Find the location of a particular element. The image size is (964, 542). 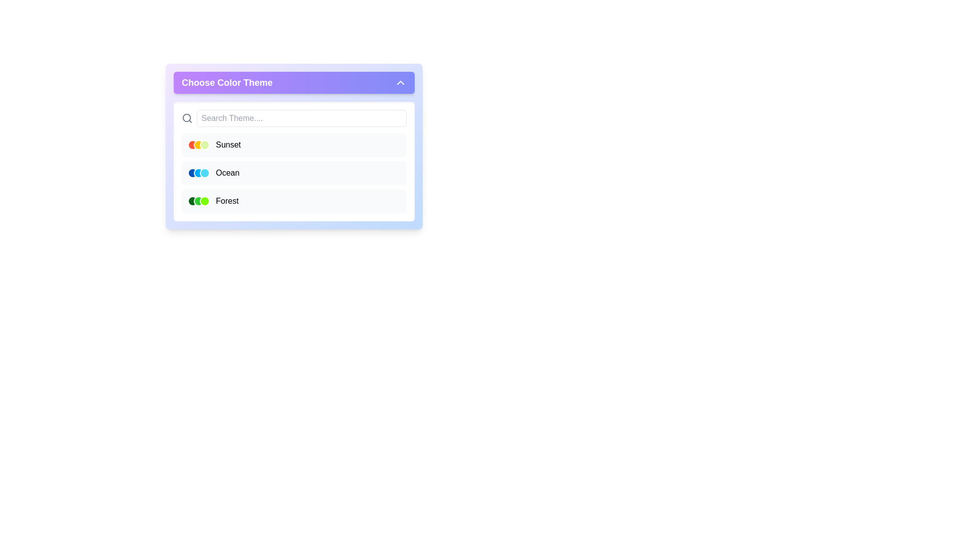

the selectable list item labeled 'Ocean' is located at coordinates (293, 172).